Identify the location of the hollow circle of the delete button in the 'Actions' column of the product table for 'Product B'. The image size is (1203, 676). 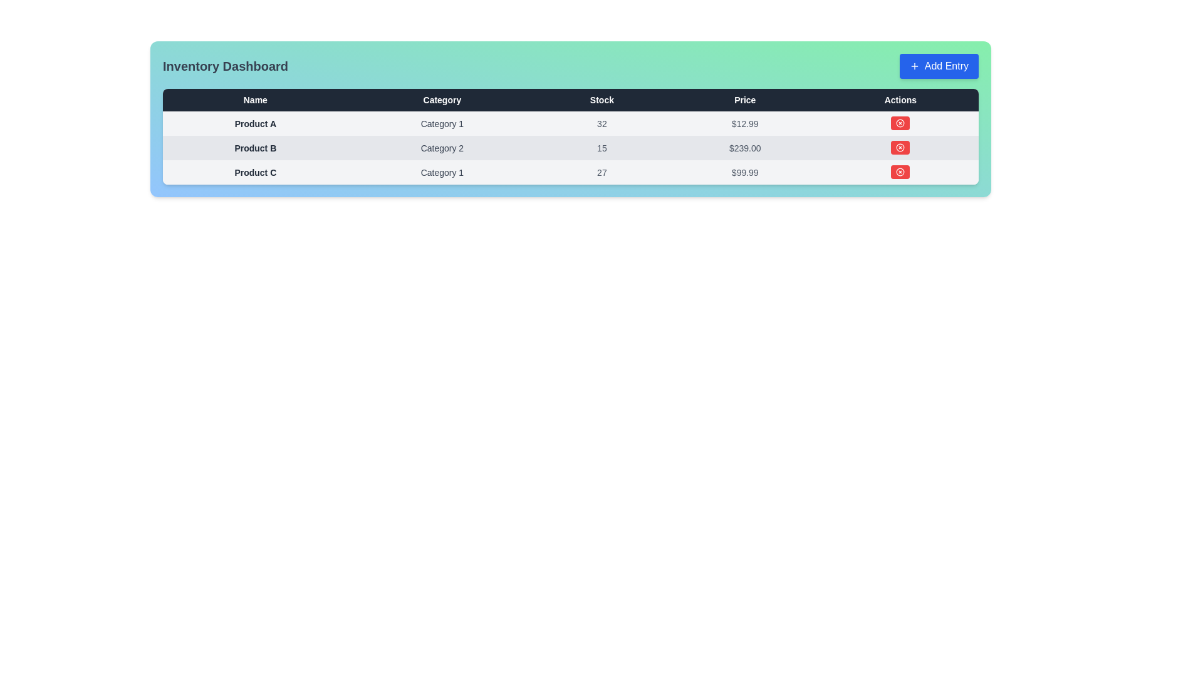
(900, 146).